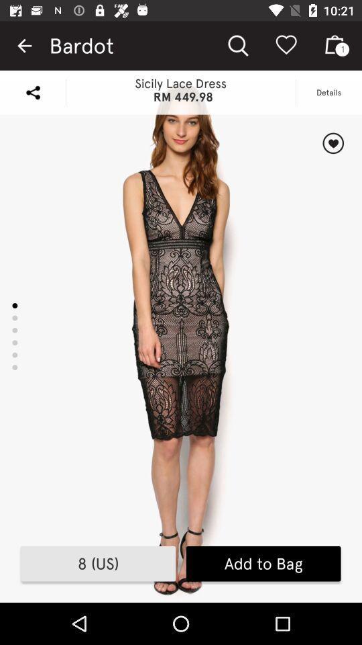  Describe the element at coordinates (33, 91) in the screenshot. I see `share the article` at that location.